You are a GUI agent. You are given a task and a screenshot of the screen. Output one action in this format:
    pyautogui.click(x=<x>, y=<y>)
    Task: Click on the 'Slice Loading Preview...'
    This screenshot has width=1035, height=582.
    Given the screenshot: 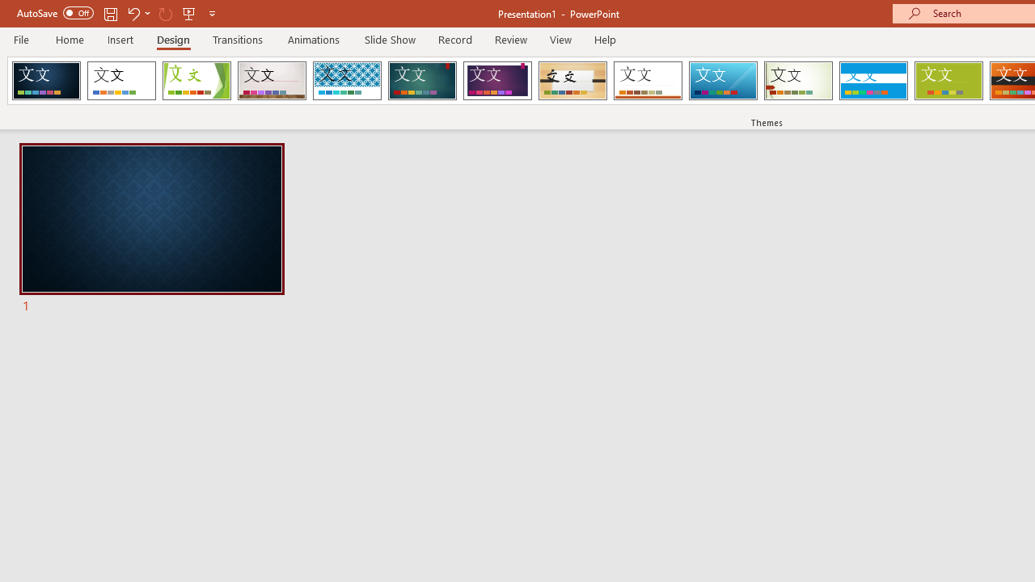 What is the action you would take?
    pyautogui.click(x=722, y=81)
    